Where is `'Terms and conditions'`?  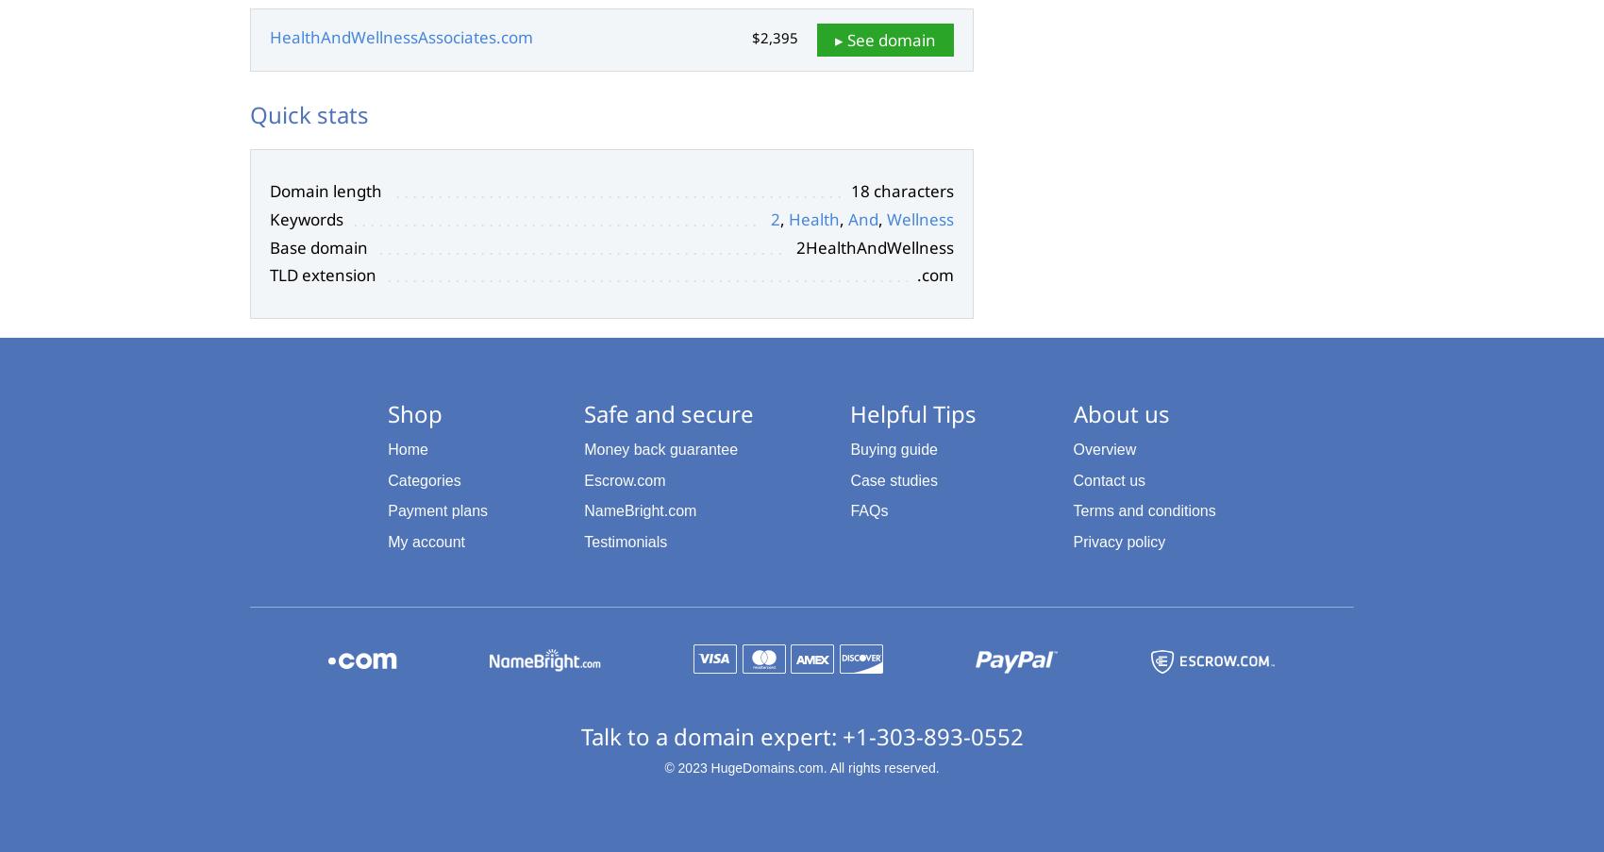 'Terms and conditions' is located at coordinates (1143, 510).